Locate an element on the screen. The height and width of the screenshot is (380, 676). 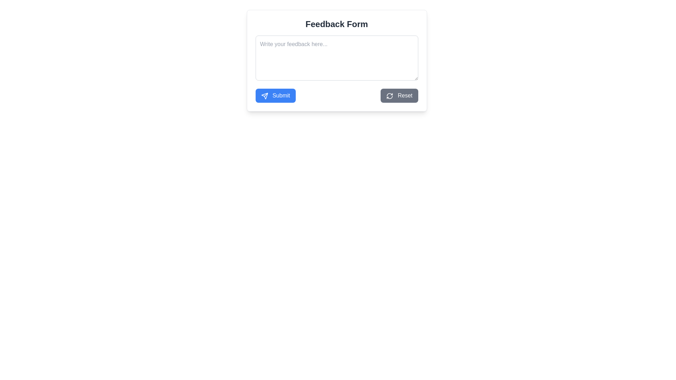
the 'Submit' button with a blue background and white text, which features a paper plane icon is located at coordinates (275, 96).